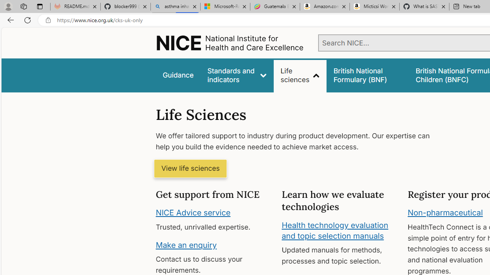  Describe the element at coordinates (193, 213) in the screenshot. I see `'NICE Advice service'` at that location.